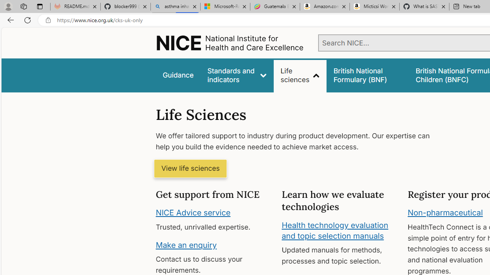  Describe the element at coordinates (193, 213) in the screenshot. I see `'NICE Advice service'` at that location.